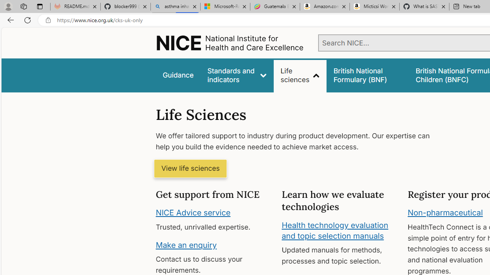  Describe the element at coordinates (193, 213) in the screenshot. I see `'NICE Advice service'` at that location.